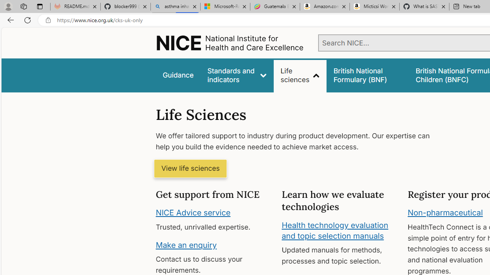  Describe the element at coordinates (193, 213) in the screenshot. I see `'NICE Advice service'` at that location.